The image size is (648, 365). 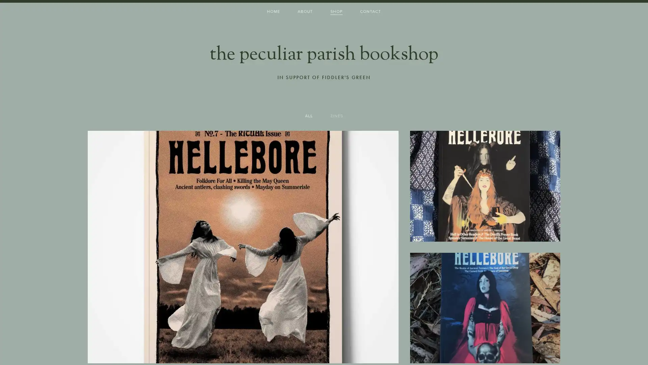 I want to click on QUICK VIEW, so click(x=484, y=349).